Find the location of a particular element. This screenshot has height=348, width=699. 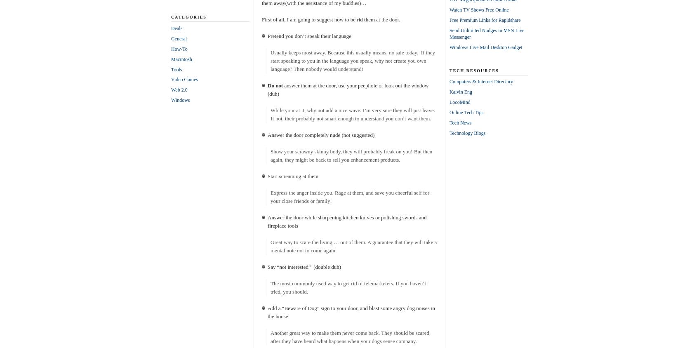

'Add a “Beware of Dog” sign to your door, and blast some angry dog noises in the house' is located at coordinates (351, 312).